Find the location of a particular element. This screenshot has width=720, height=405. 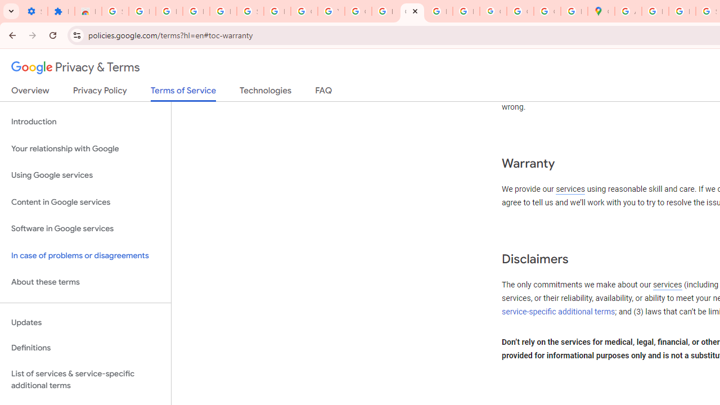

'Extensions' is located at coordinates (60, 11).